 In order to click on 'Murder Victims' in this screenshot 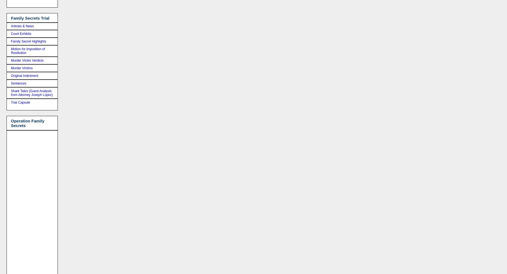, I will do `click(21, 68)`.